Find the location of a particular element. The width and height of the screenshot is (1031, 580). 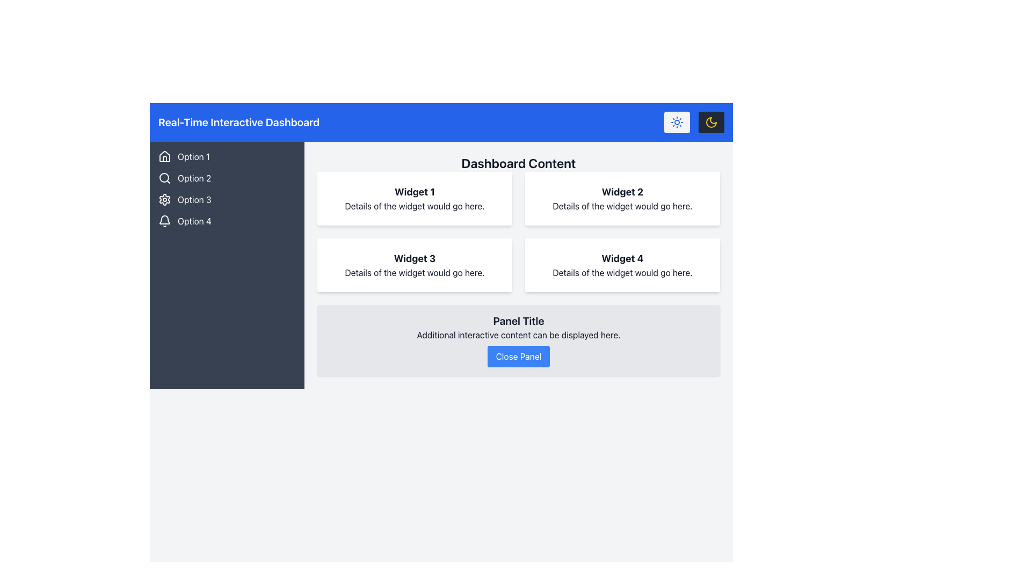

the Information card displaying 'Widget 4' with a white background and rounded corners located in the fourth position of the grid layout in the 'Dashboard Content' area is located at coordinates (622, 265).